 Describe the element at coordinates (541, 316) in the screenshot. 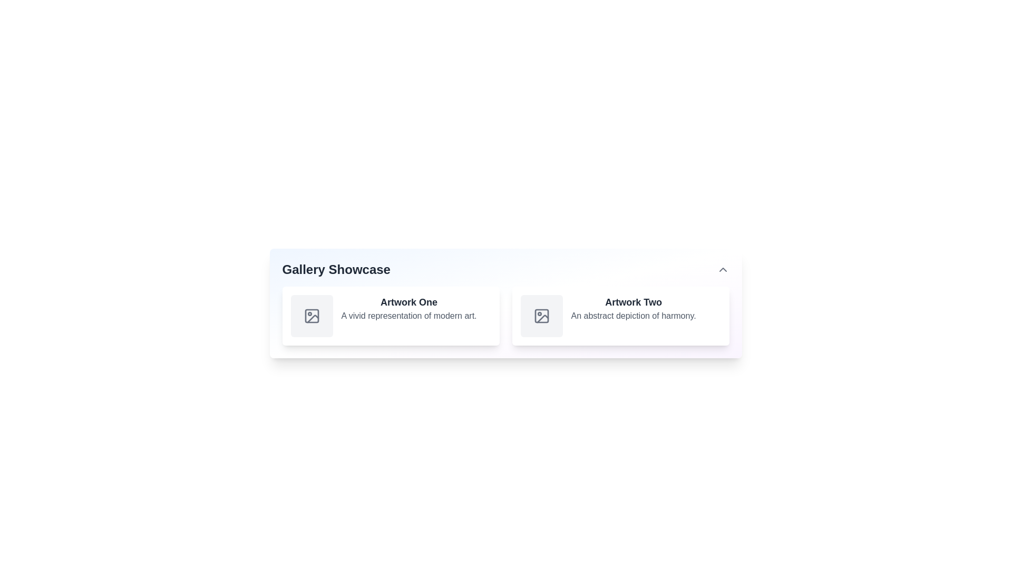

I see `the Decorative graphical component styled with a light gray fill, located in the icon representation of 'Artwork Two' in the 'Gallery Showcase' interface` at that location.